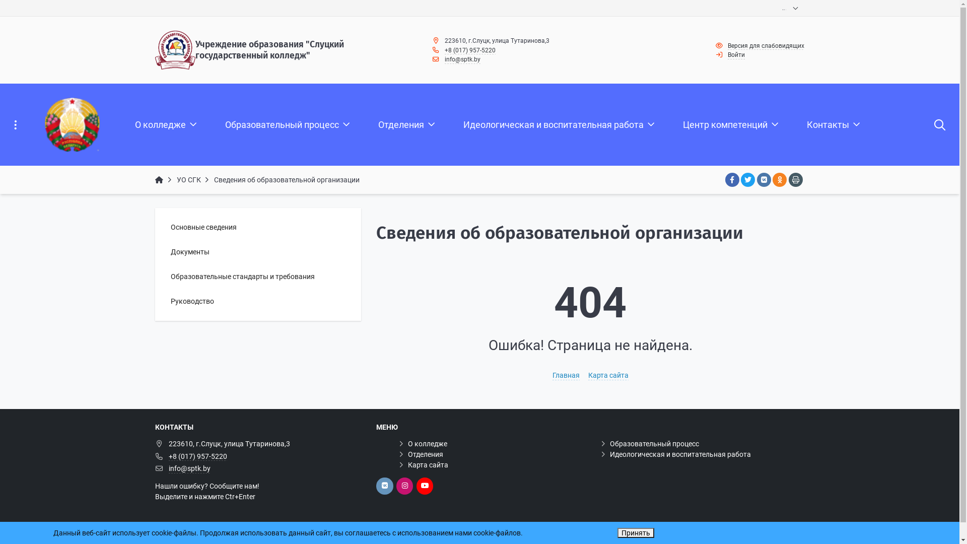 The image size is (967, 544). I want to click on '+8 (017) 957-5220', so click(469, 50).